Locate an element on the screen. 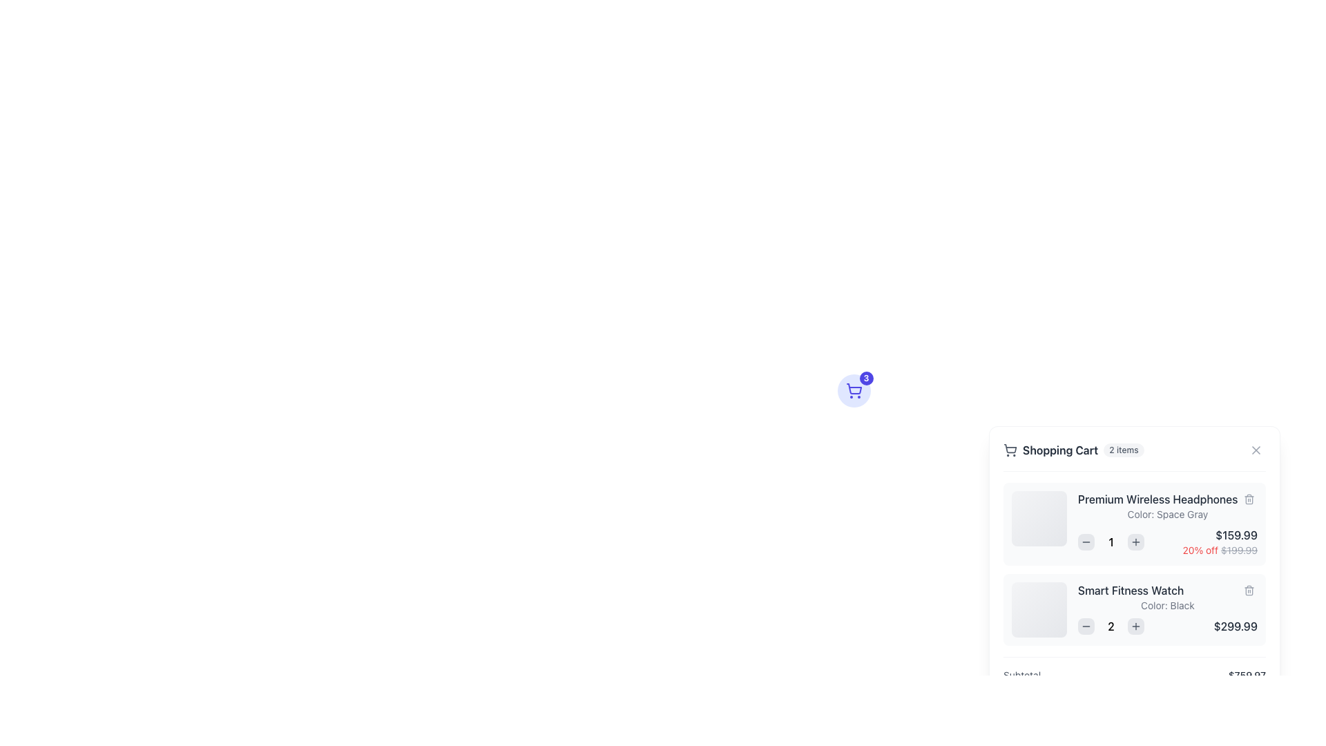 The height and width of the screenshot is (746, 1326). the static text element displaying the current quantity of the 'Smart Fitness Watch' in the cart, which is read-only and positioned between the minus and plus buttons is located at coordinates (1111, 626).